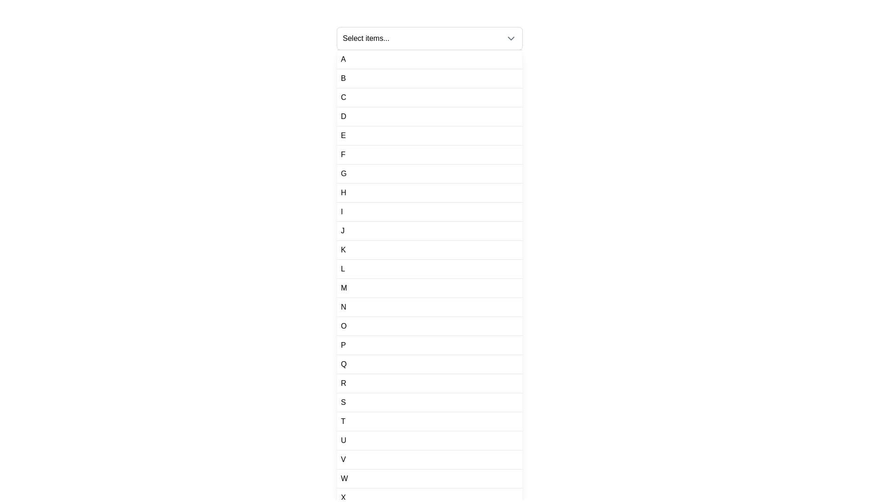  Describe the element at coordinates (511, 38) in the screenshot. I see `the downward-pointing chevron icon styled in gray` at that location.